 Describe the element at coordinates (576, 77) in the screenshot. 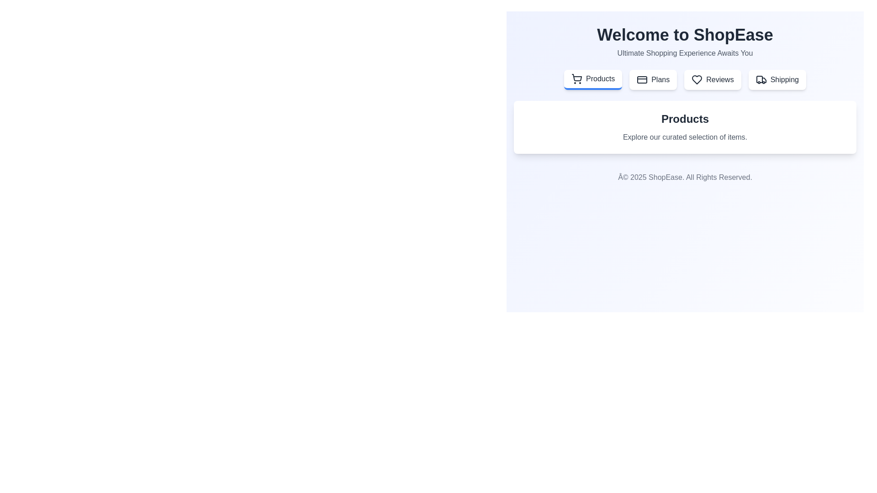

I see `the shopping cart icon located in the navigation bar, which represents the basket part of the cart functionality` at that location.